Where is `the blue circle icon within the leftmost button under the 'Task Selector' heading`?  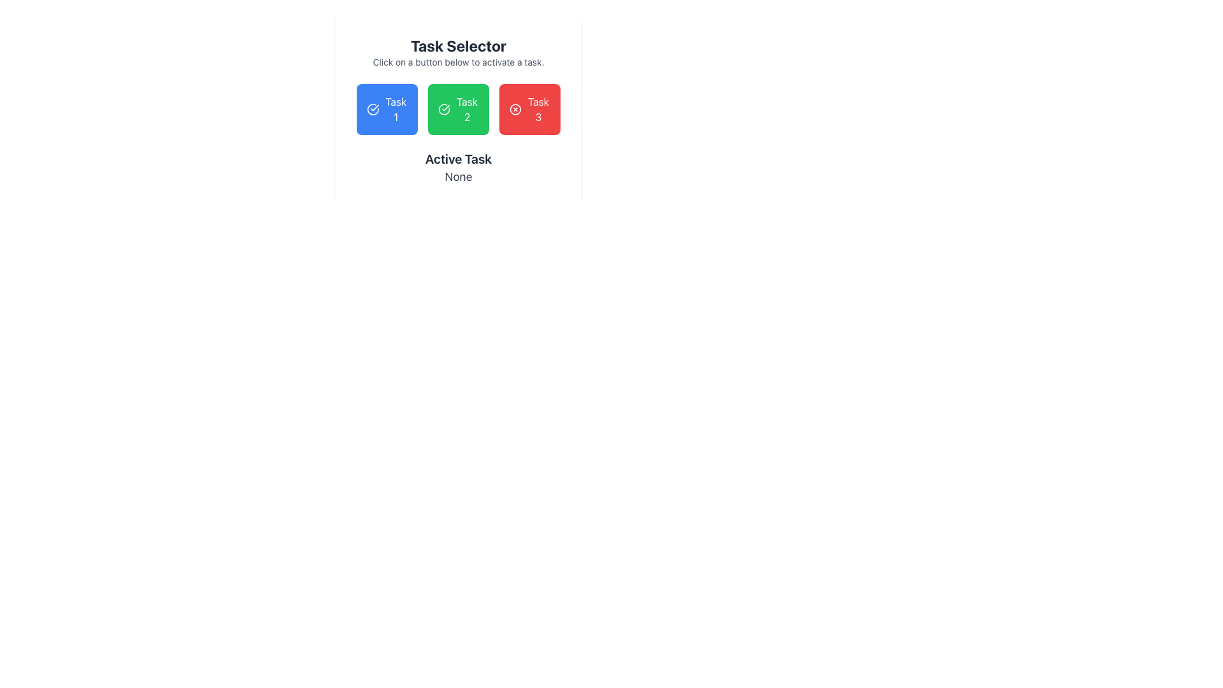 the blue circle icon within the leftmost button under the 'Task Selector' heading is located at coordinates (372, 109).